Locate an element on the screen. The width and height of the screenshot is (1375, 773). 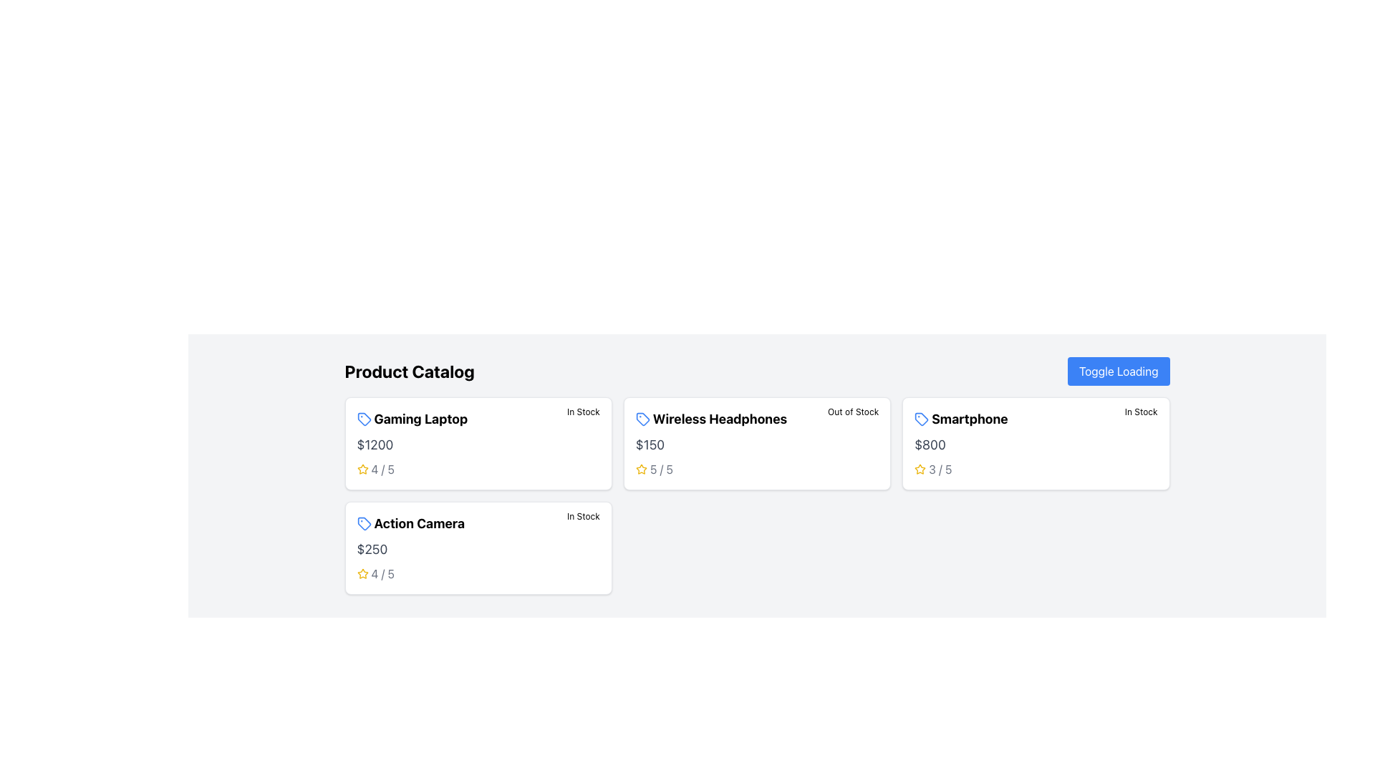
the Star Rating icon located in the rating section of the Smartphone product card, positioned to the left of the '3 / 5' text is located at coordinates (920, 469).